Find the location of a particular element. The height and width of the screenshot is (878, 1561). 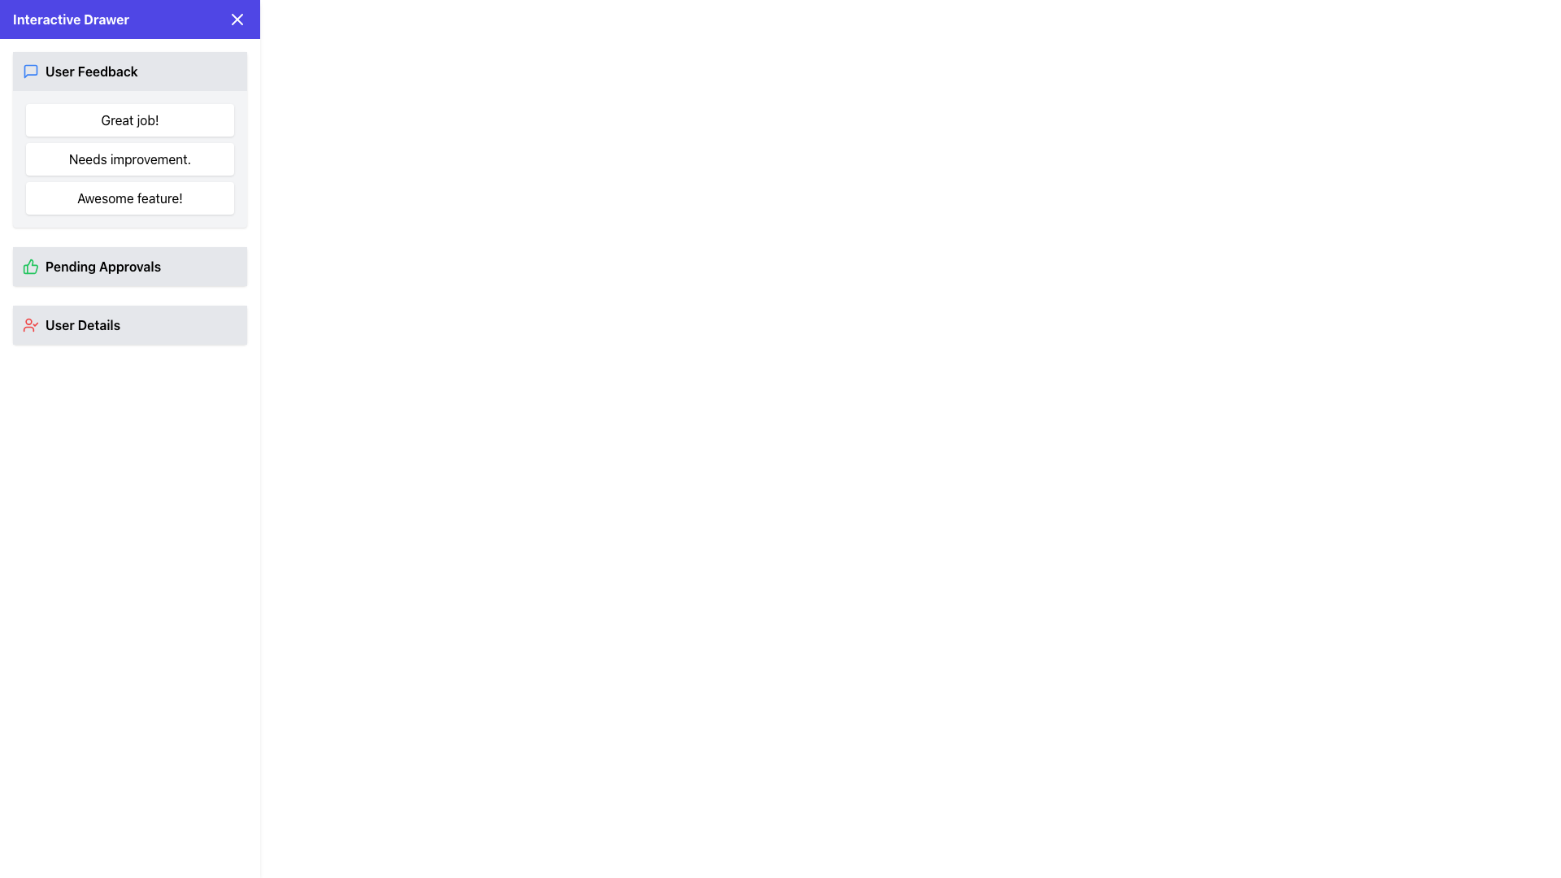

the 'User Feedback' interactive header is located at coordinates (128, 71).